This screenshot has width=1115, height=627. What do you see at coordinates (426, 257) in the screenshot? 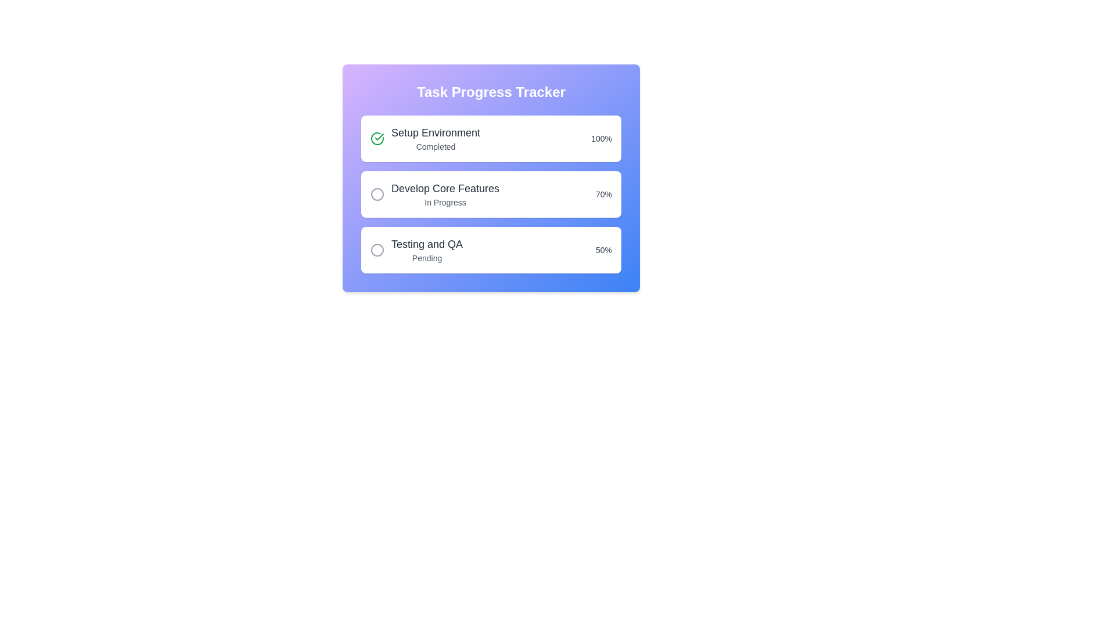
I see `the status indicator label that shows 'Pending' located below the 'Testing and QA' text in the third task card of the progress tracker` at bounding box center [426, 257].